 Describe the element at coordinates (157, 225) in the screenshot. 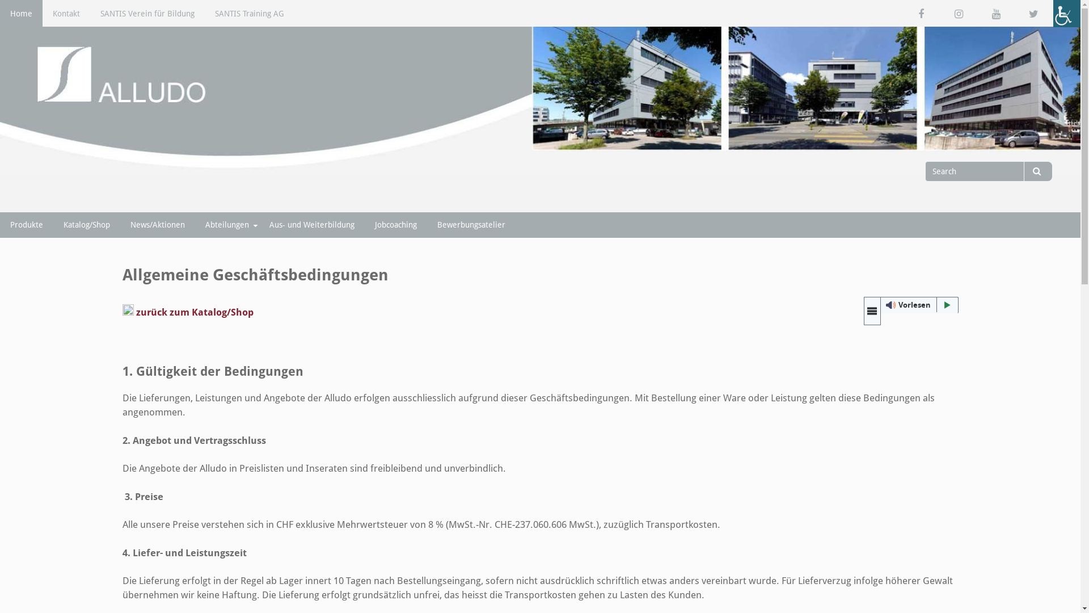

I see `'News/Aktionen'` at that location.